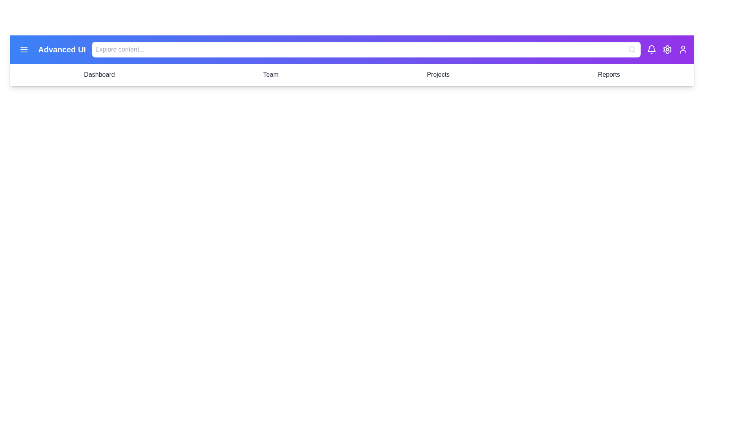 The image size is (756, 425). Describe the element at coordinates (270, 74) in the screenshot. I see `the Team tab to navigate to the corresponding section` at that location.